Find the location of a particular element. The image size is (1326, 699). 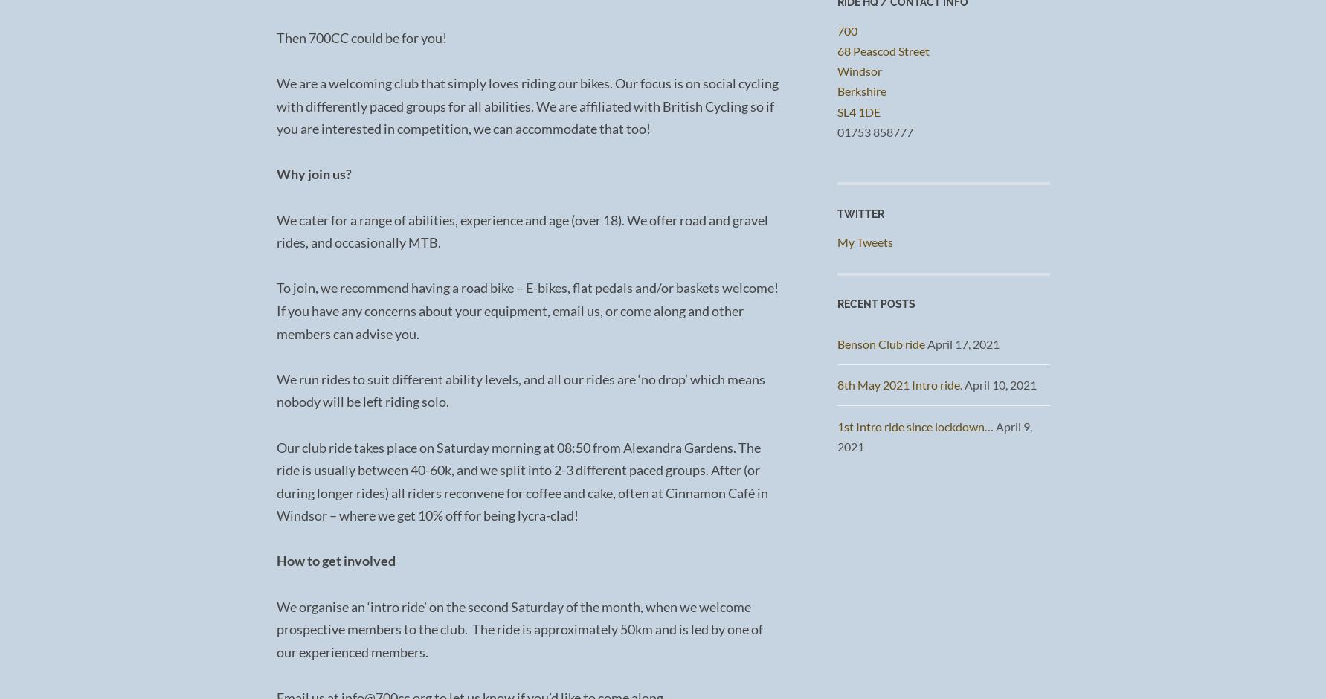

'1st Intro ride since lockdown…' is located at coordinates (914, 425).